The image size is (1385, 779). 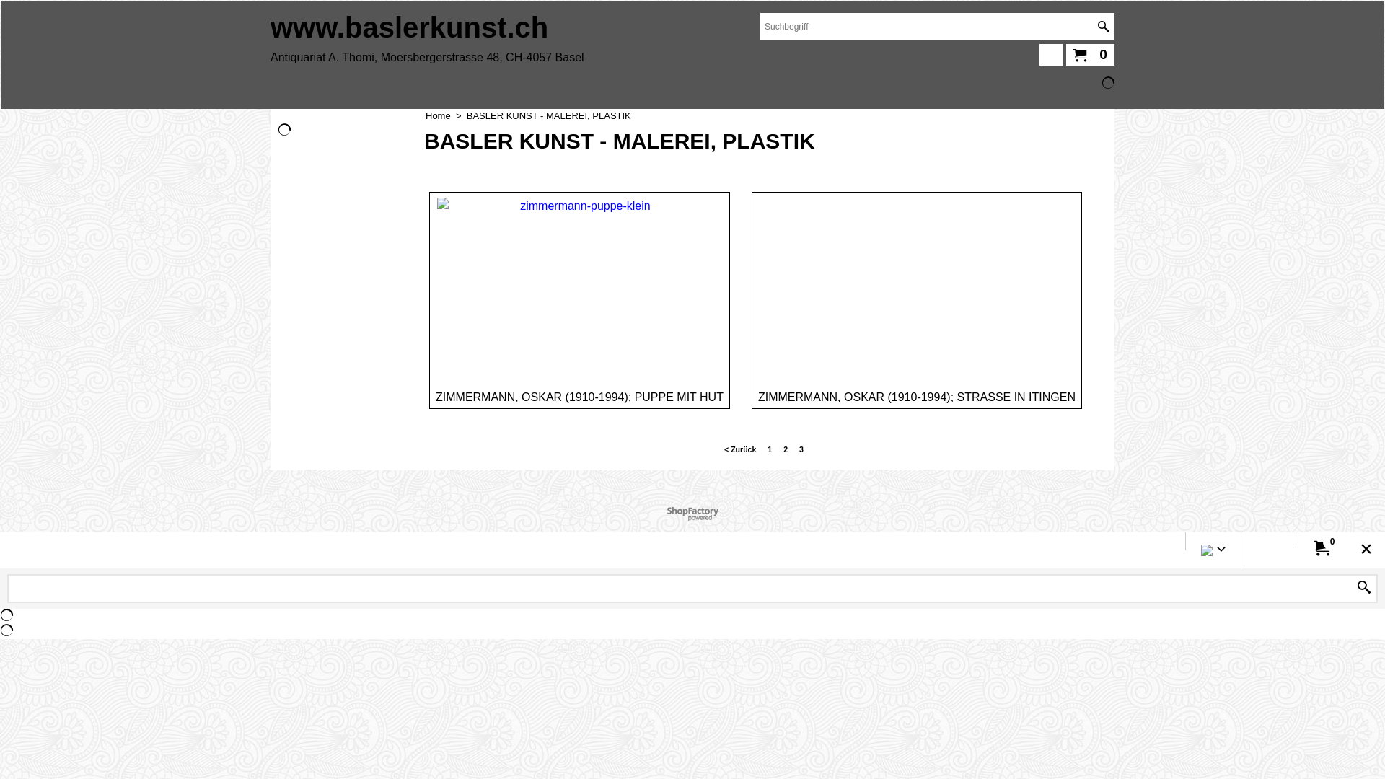 I want to click on '2', so click(x=785, y=449).